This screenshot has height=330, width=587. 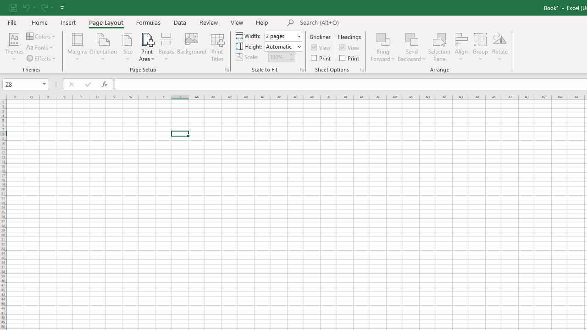 I want to click on 'Bring Forward', so click(x=383, y=47).